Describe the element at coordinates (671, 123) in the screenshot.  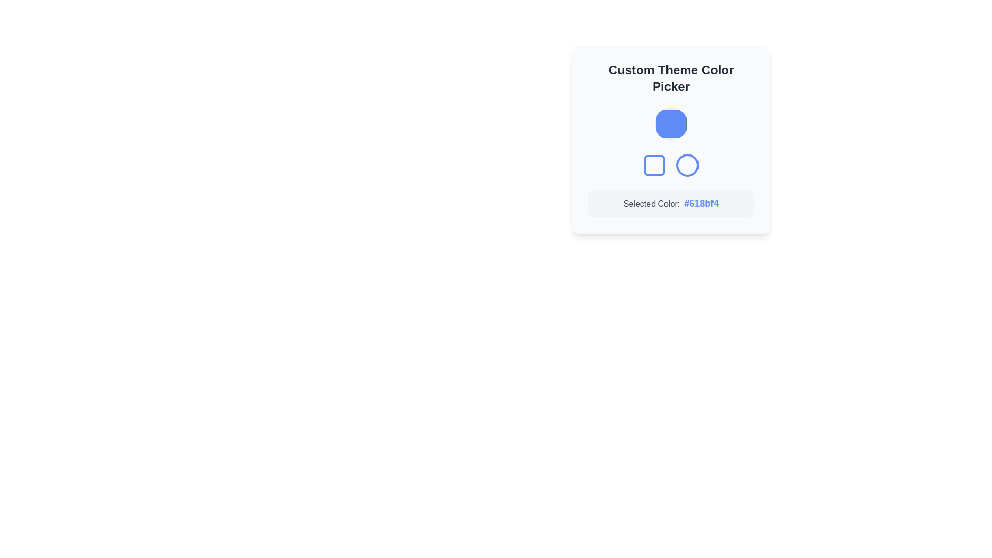
I see `the circular light blue Color Picker Button located in the top section of the 'Custom Theme Color Picker' panel` at that location.